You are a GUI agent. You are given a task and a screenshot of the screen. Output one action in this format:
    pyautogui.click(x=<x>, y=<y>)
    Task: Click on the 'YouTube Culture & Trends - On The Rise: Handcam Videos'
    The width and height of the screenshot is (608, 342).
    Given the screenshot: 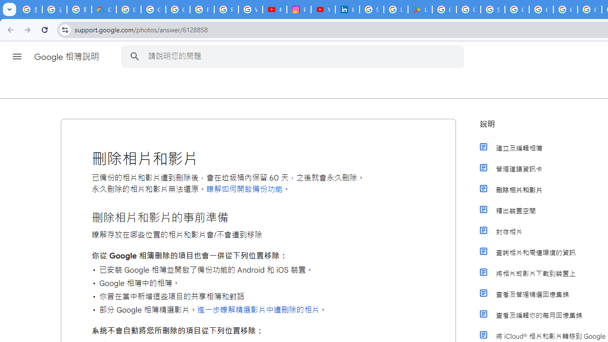 What is the action you would take?
    pyautogui.click(x=323, y=9)
    